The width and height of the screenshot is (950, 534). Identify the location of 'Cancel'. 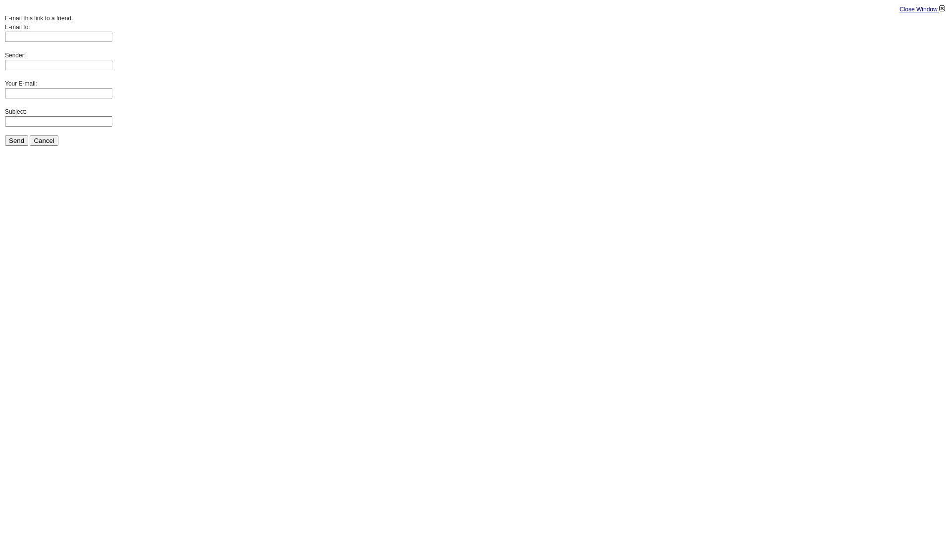
(44, 140).